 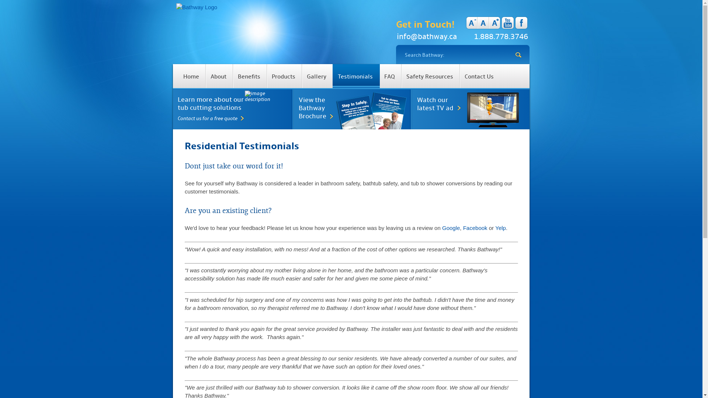 I want to click on 'Products', so click(x=266, y=76).